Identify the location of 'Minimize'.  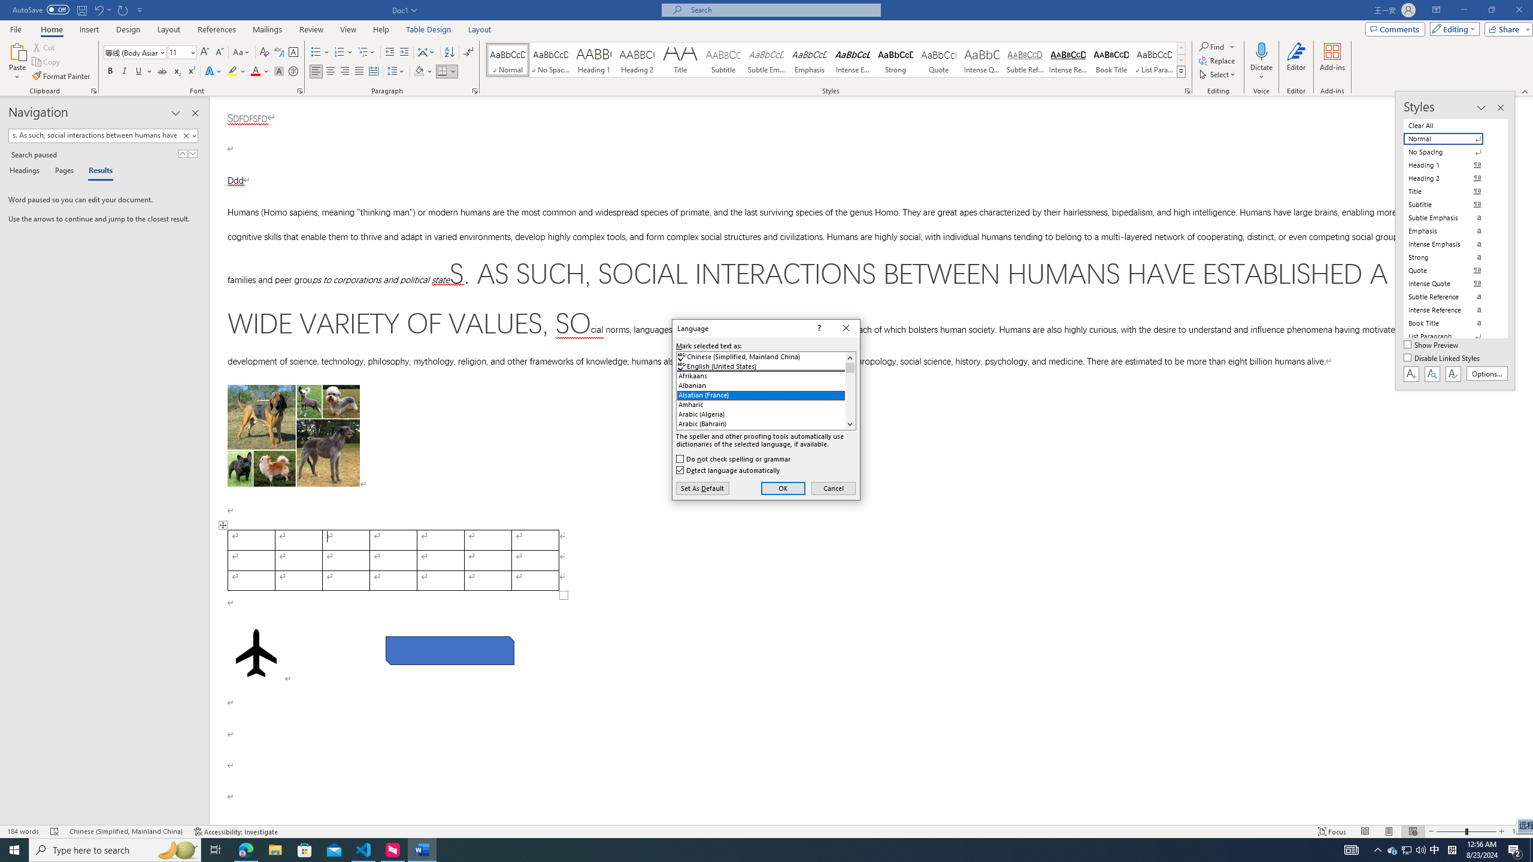
(1463, 10).